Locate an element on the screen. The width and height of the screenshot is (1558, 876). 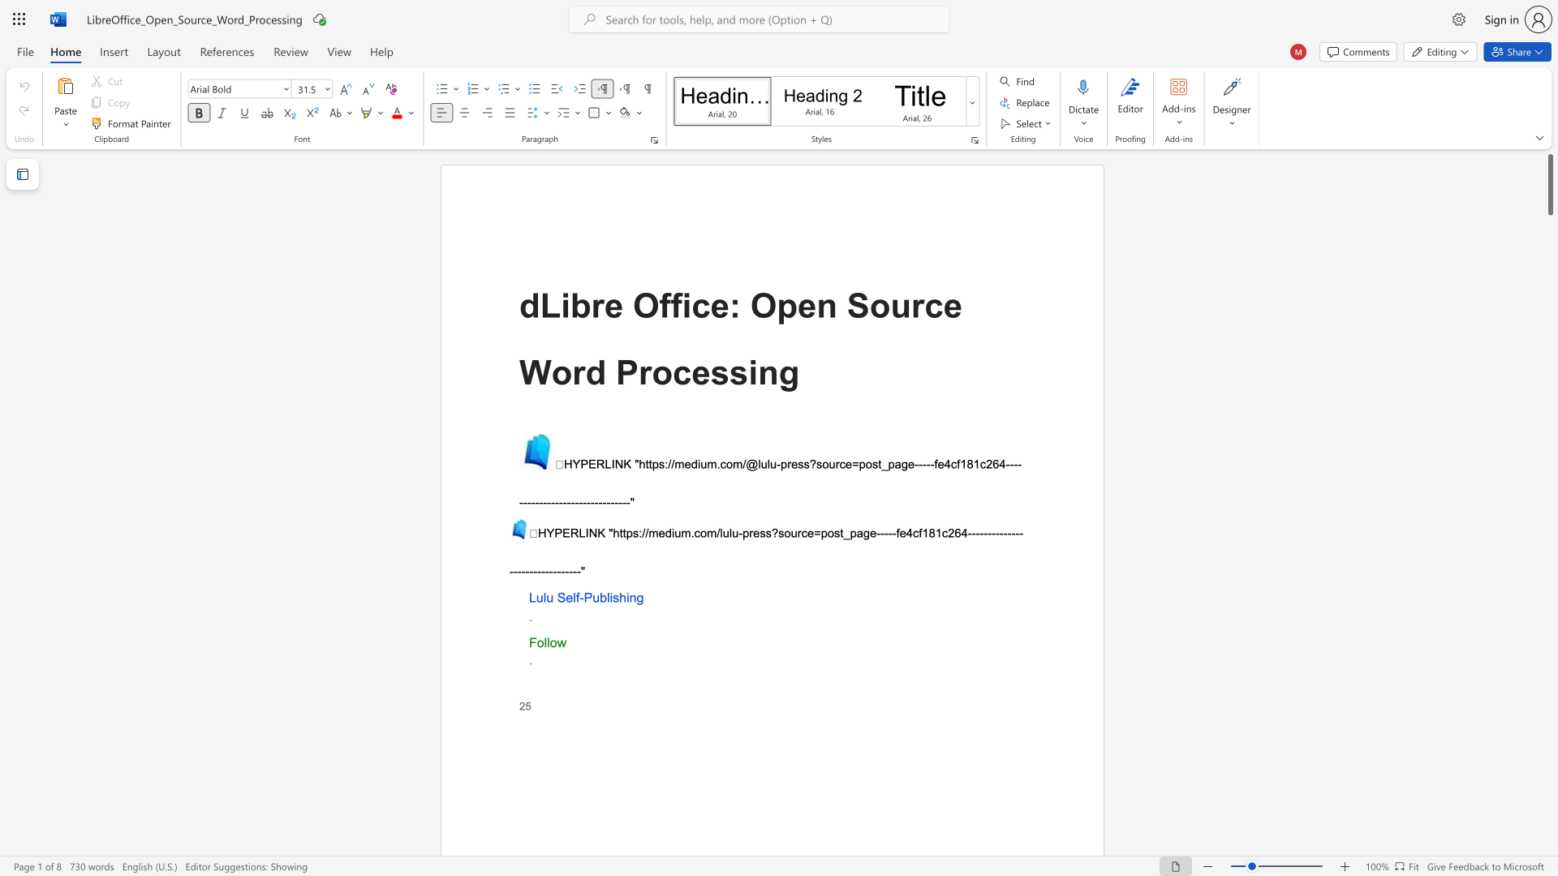
the scrollbar to move the page downward is located at coordinates (1549, 519).